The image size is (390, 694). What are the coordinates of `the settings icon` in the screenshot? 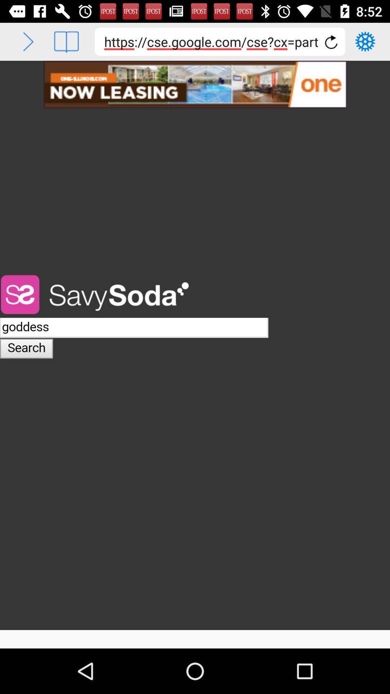 It's located at (365, 41).